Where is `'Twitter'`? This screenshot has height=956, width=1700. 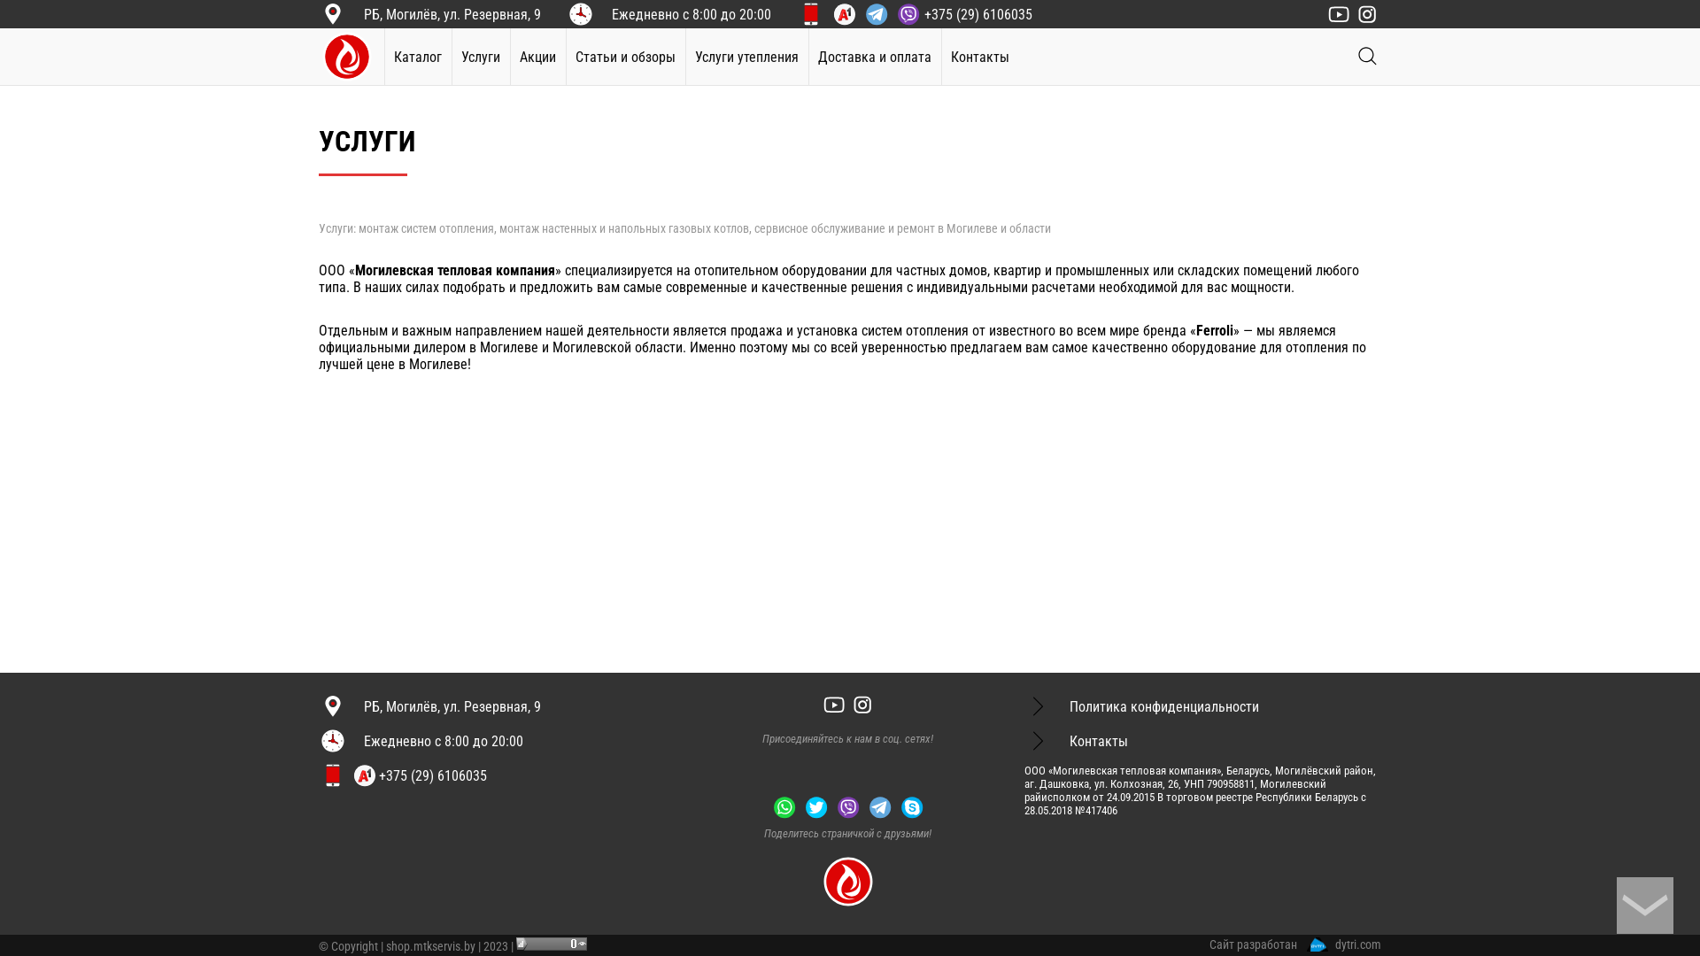 'Twitter' is located at coordinates (815, 806).